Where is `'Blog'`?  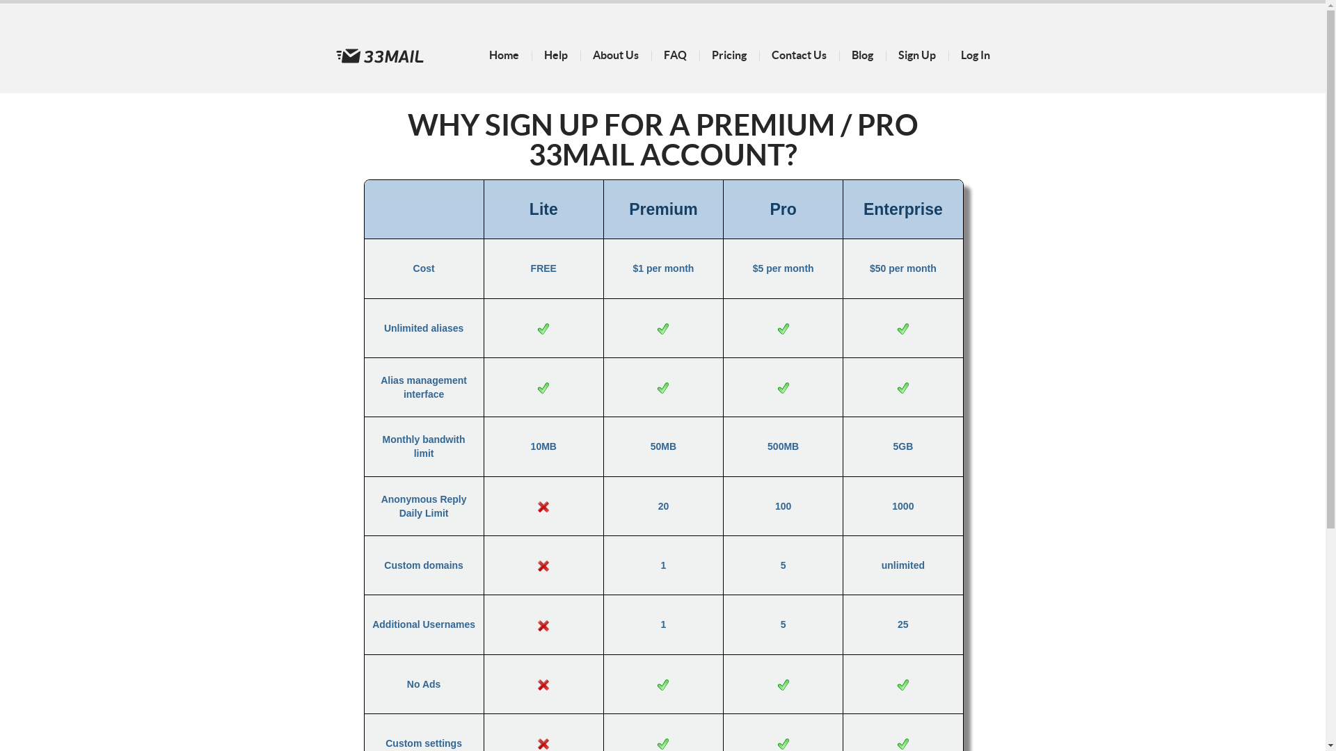 'Blog' is located at coordinates (861, 54).